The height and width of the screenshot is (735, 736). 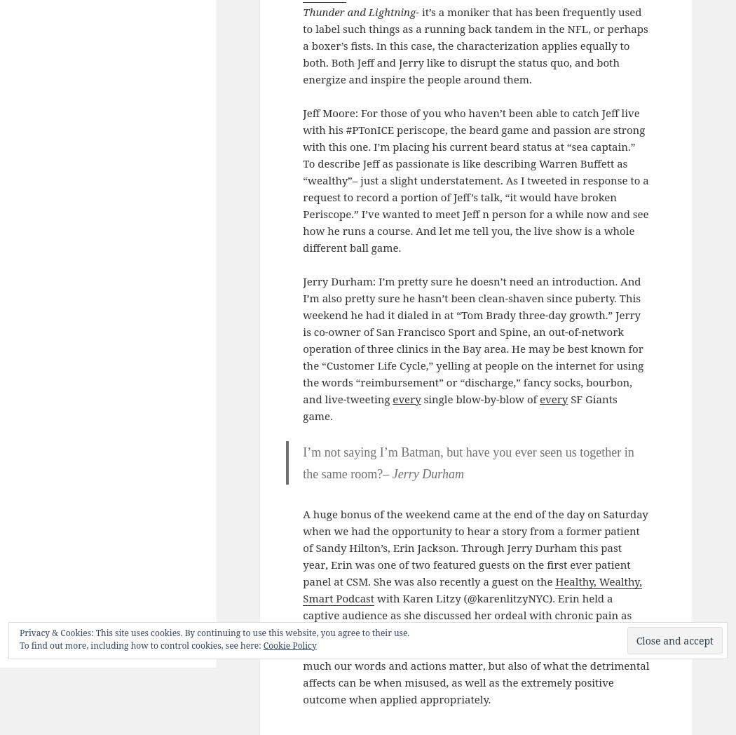 I want to click on 'Jerry Durham: I’m pretty sure he doesn’t need an introduction. And I’m also pretty sure he hasn’t been clean-shaven since puberty. This weekend he had it dialed in at “Tom Brady three-day growth.” Jerry is co-owner of San Francisco Sport and Spine, an out-of-network operation of three clinics in the Bay area. He may be best known for the “Customer Life Cycle,” yelling at people on the internet for using the words “reimbursement” or “discharge,” fancy socks, bourbon, and live-tweeting', so click(x=301, y=339).